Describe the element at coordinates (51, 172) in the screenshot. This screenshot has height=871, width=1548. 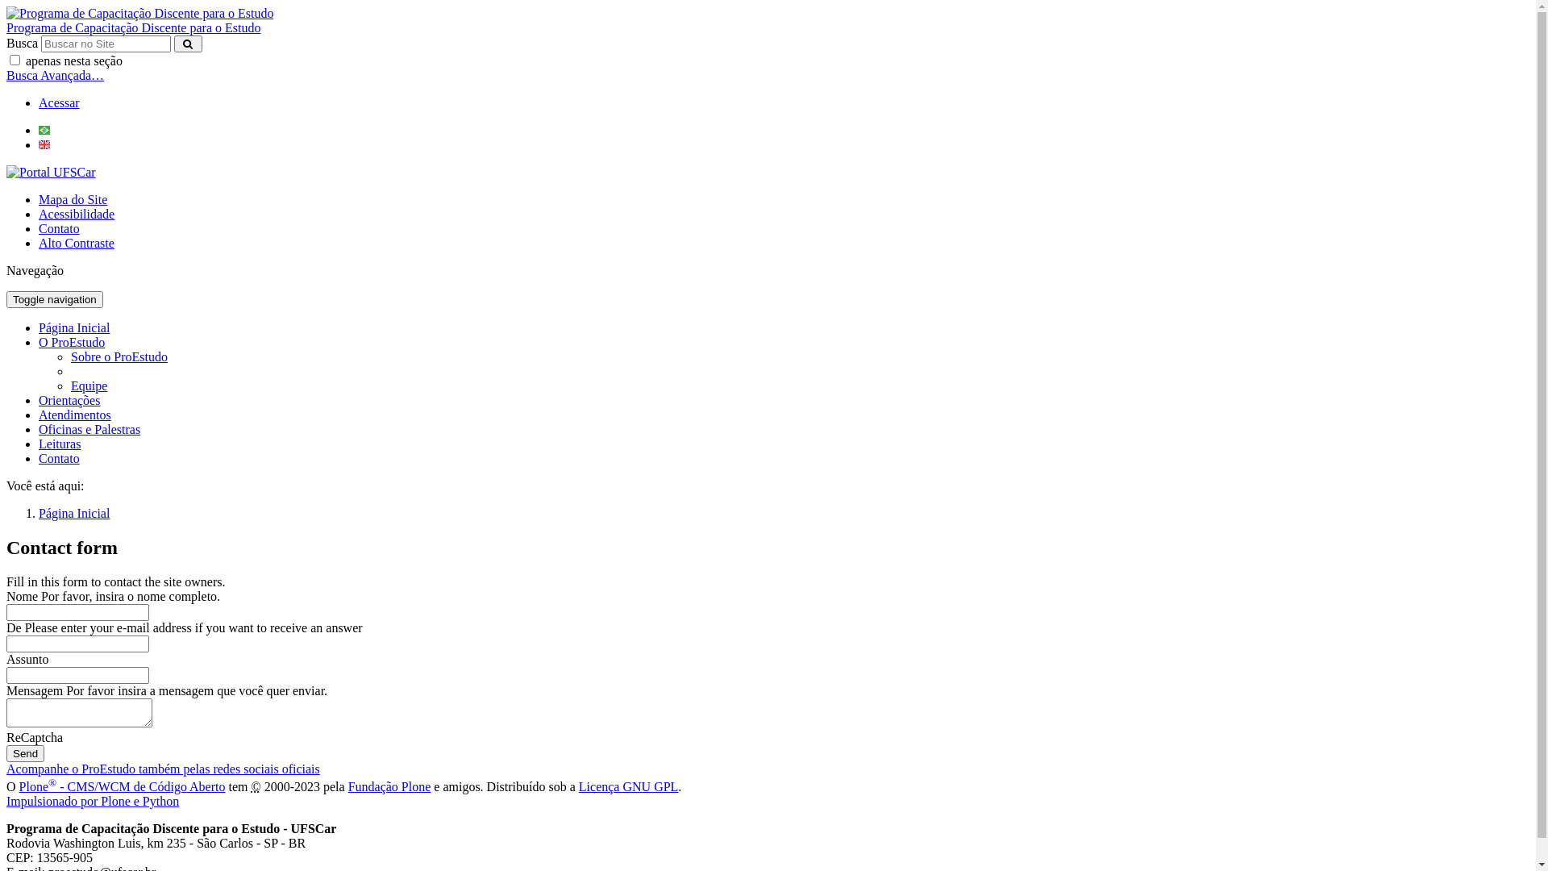
I see `'Portal UFSCar'` at that location.